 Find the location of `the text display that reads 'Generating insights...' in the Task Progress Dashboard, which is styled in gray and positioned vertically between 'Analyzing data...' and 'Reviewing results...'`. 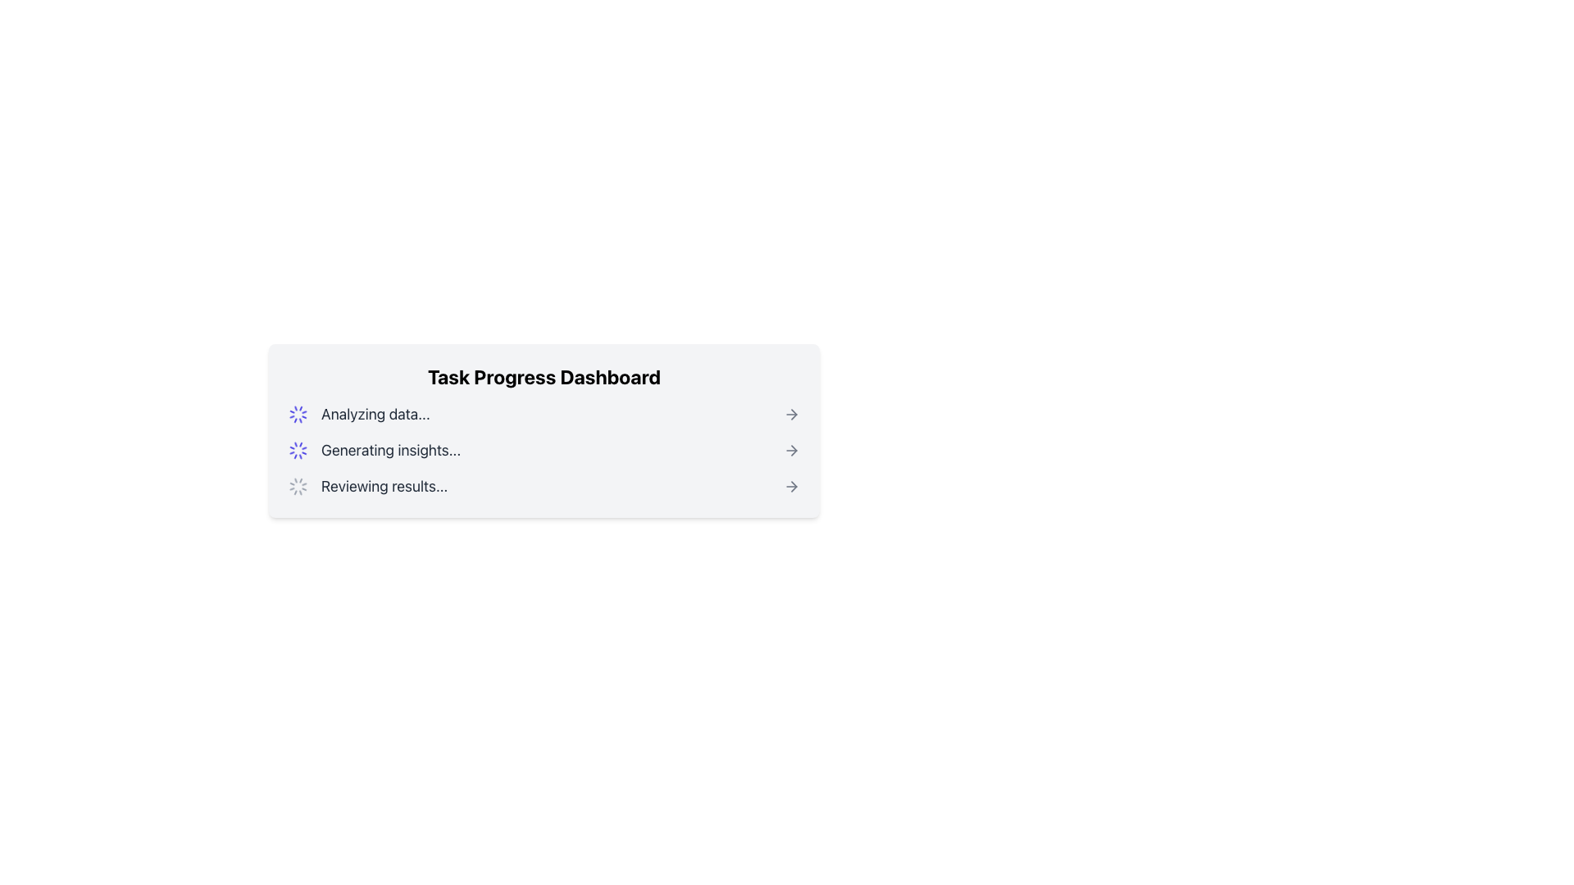

the text display that reads 'Generating insights...' in the Task Progress Dashboard, which is styled in gray and positioned vertically between 'Analyzing data...' and 'Reviewing results...' is located at coordinates (390, 451).